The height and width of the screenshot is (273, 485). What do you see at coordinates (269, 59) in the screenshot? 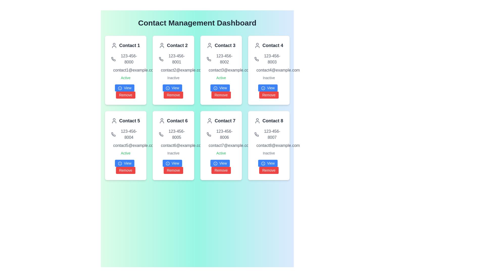
I see `the phone number displayed in gray color with a phone icon, located in the fourth contact card labeled 'Contact 4'` at bounding box center [269, 59].